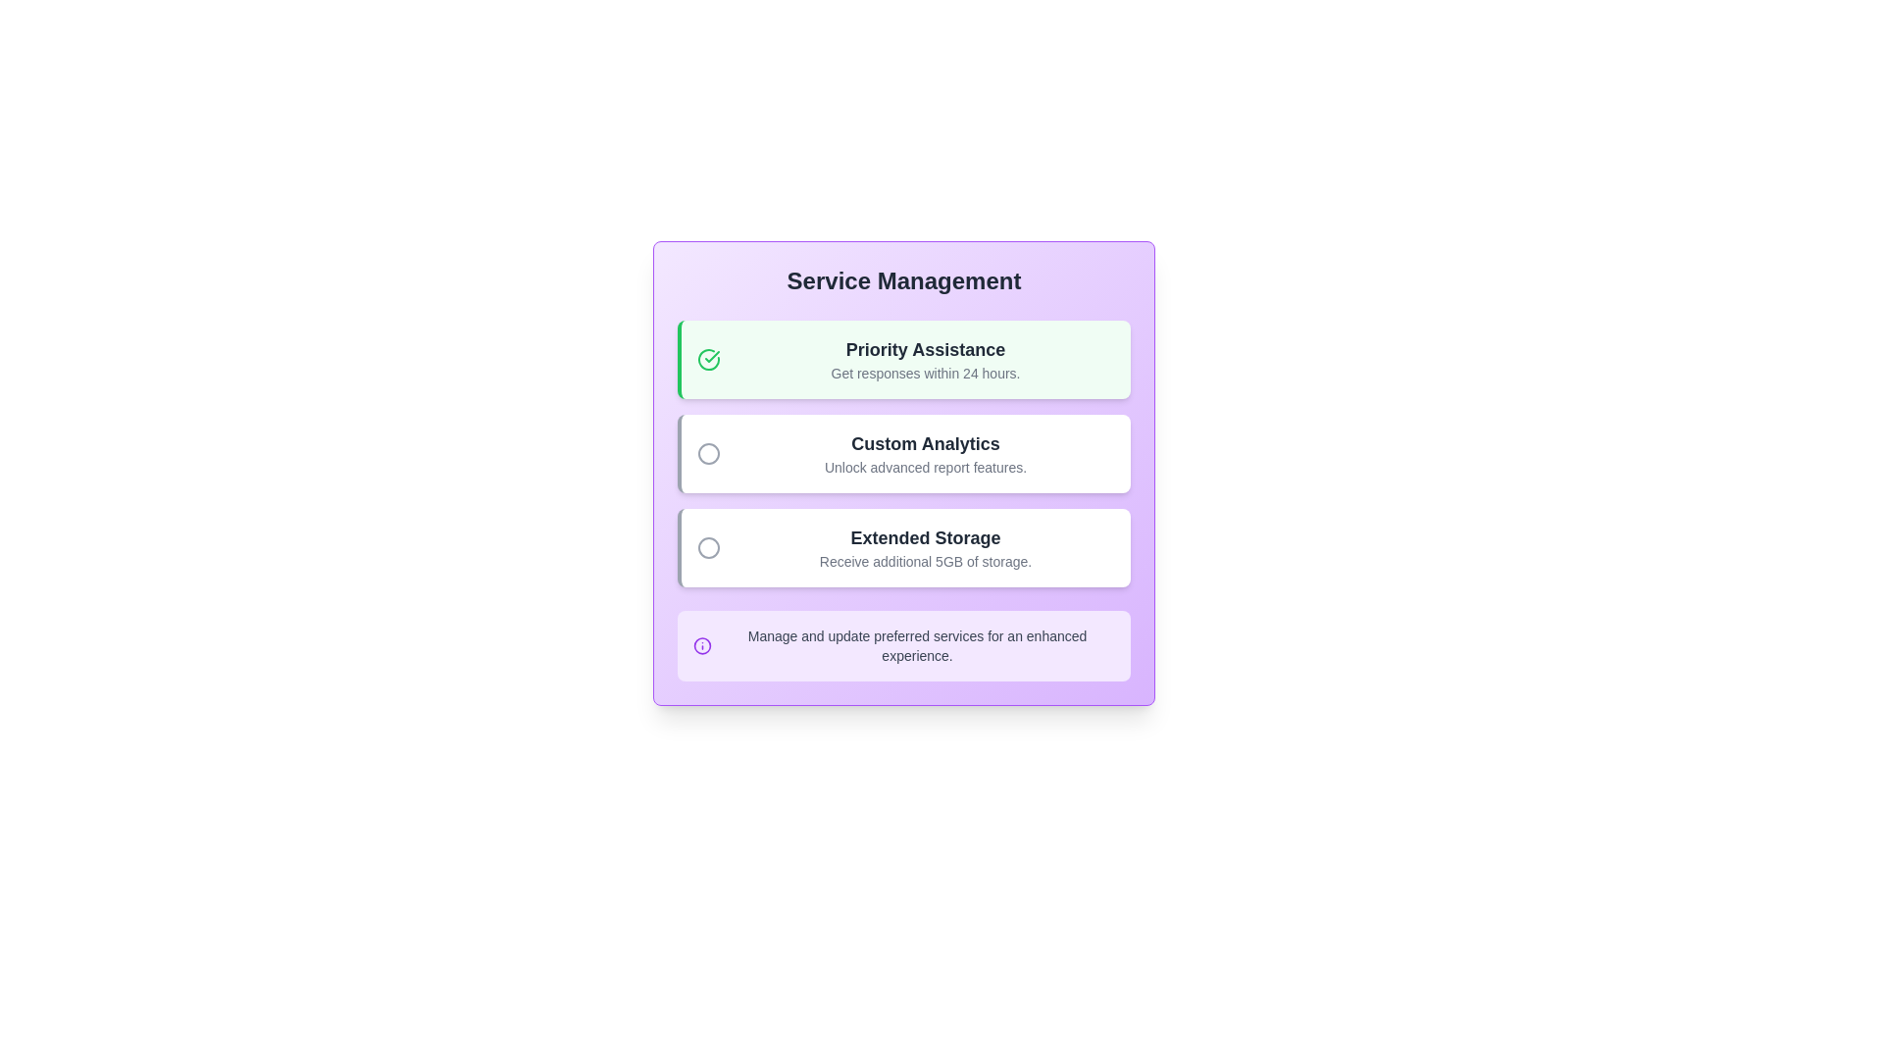 The image size is (1883, 1059). I want to click on the text label displaying 'Unlock advanced report features.' located below the 'Custom Analytics' label in the Service Management section, so click(925, 468).